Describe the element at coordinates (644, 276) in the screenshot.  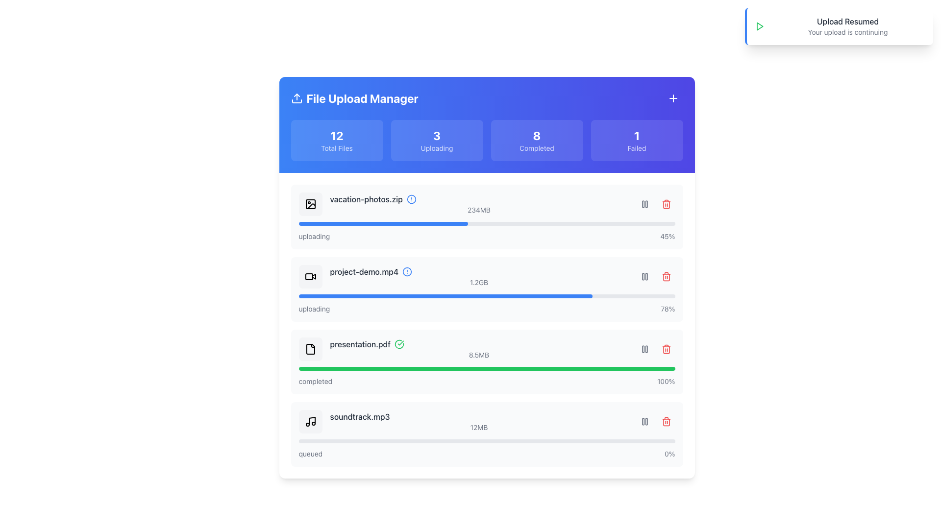
I see `the pause icon located on the right side of the row beside the delete icon to temporarily stop the upload process of the file titled 'project-demo.mp4'` at that location.